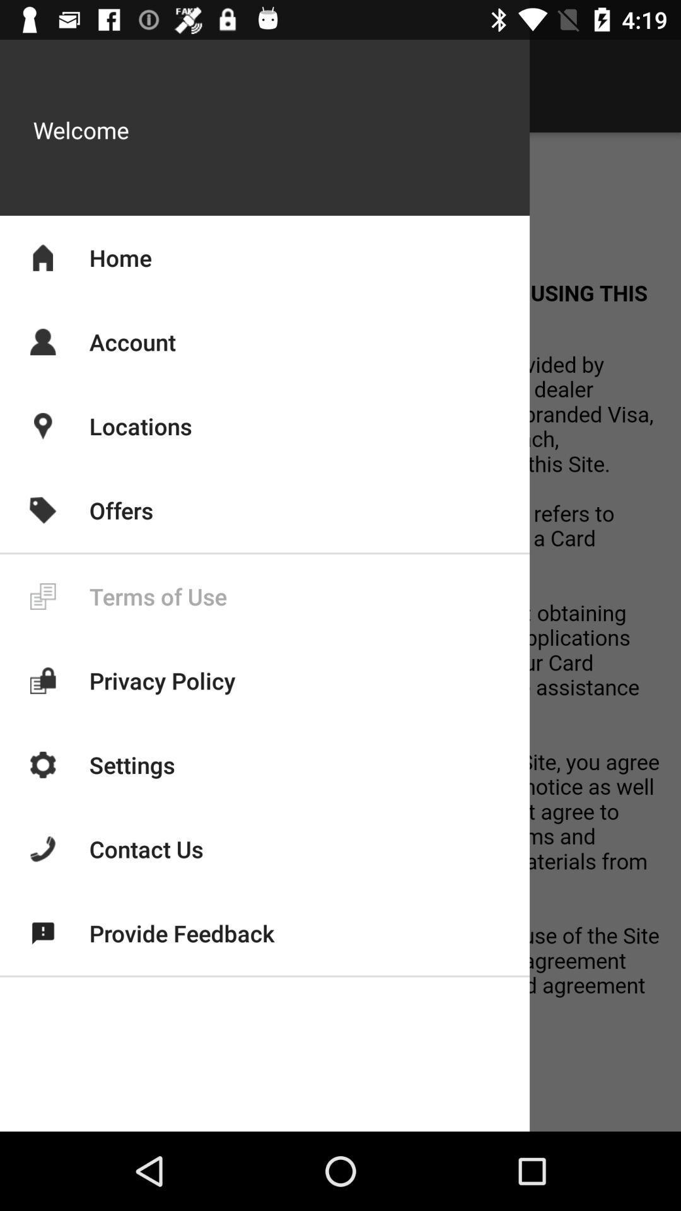 This screenshot has width=681, height=1211. Describe the element at coordinates (42, 342) in the screenshot. I see `the profile icon which is left to the account` at that location.